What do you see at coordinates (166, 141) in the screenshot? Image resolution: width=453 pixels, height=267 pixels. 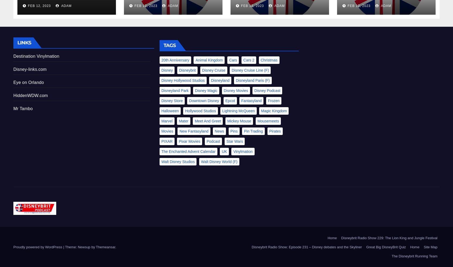 I see `'PIXAR'` at bounding box center [166, 141].